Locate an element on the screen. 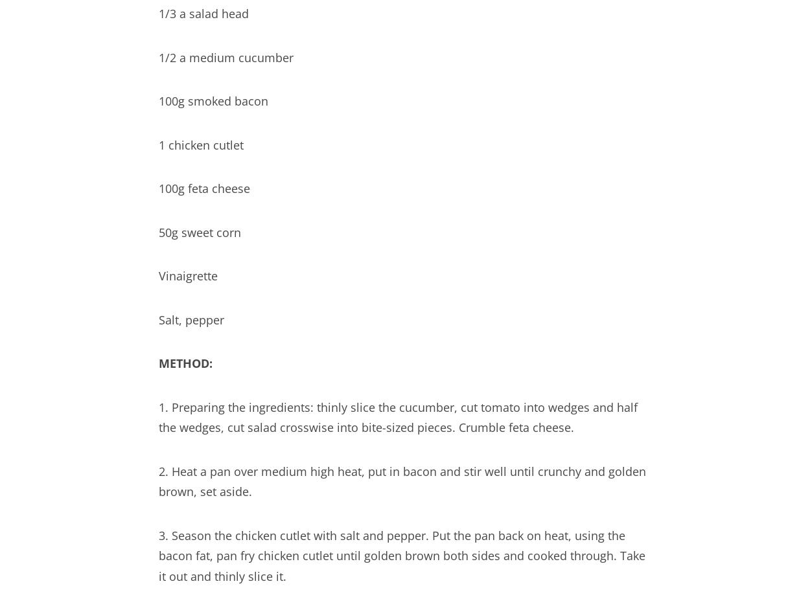 This screenshot has width=810, height=610. '1 chicken cutlet' is located at coordinates (201, 144).